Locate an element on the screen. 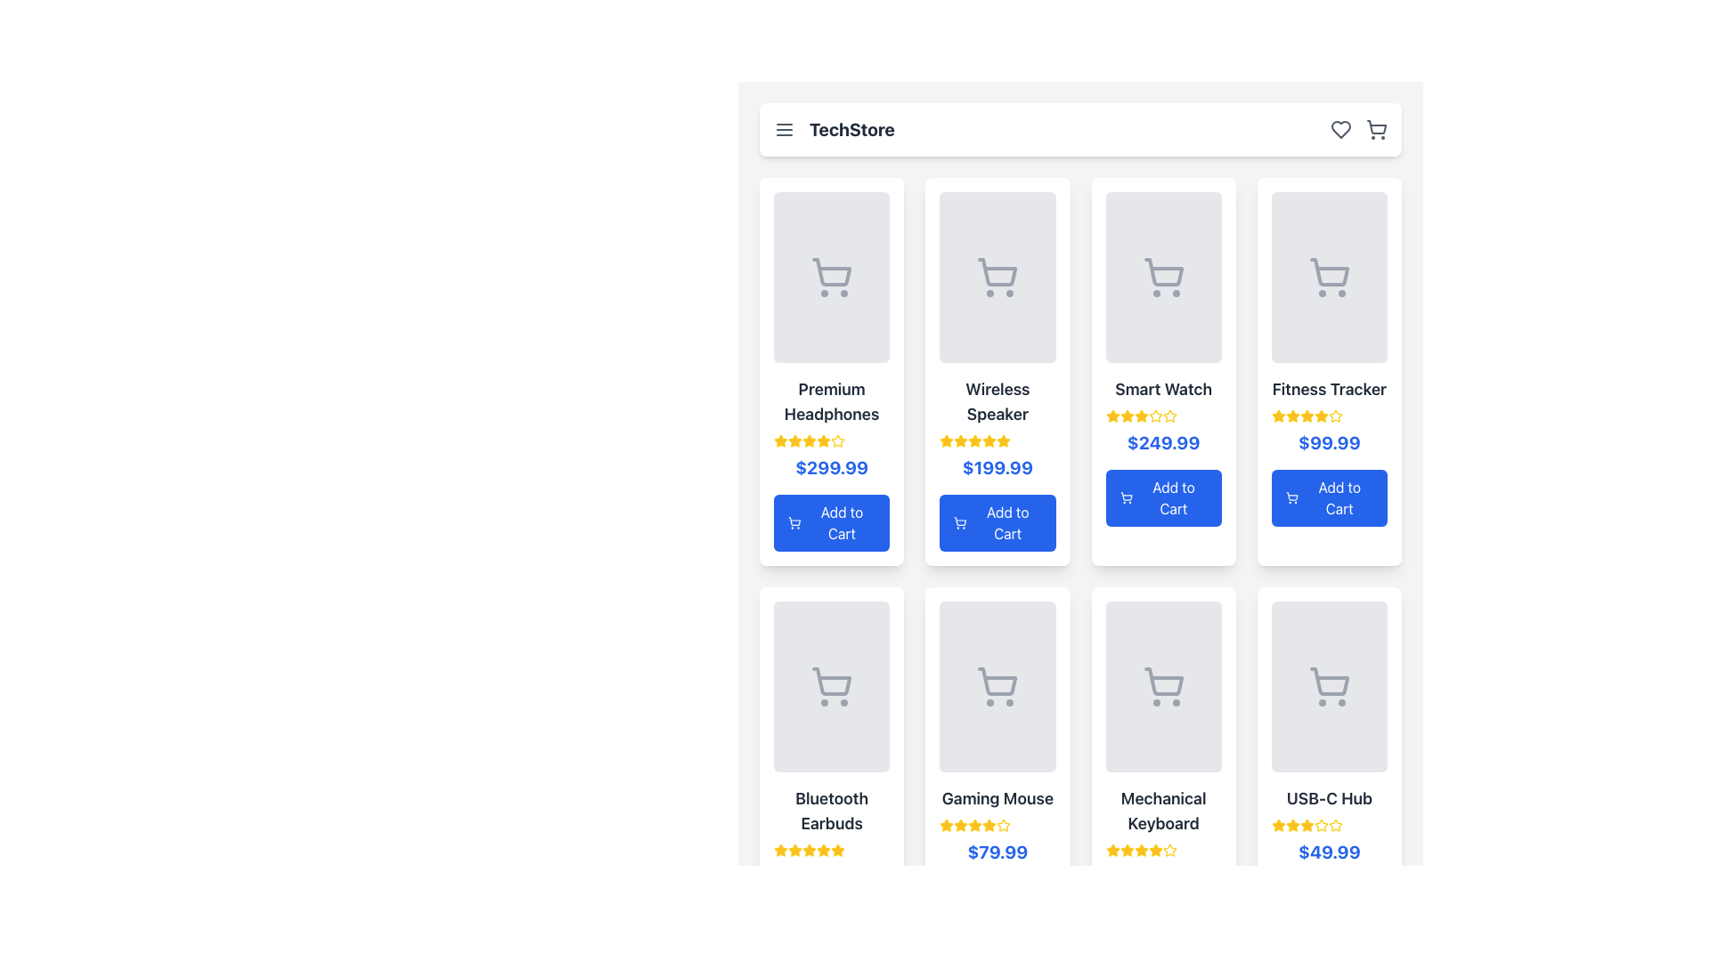  the fifth star-shaped icon with a yellow outline in the rating system for the 'Gaming Mouse' product to rate it is located at coordinates (1004, 826).